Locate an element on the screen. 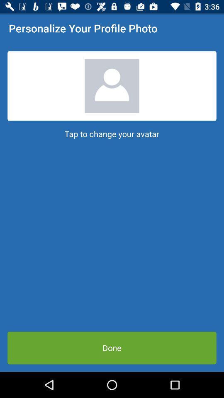  done item is located at coordinates (112, 348).